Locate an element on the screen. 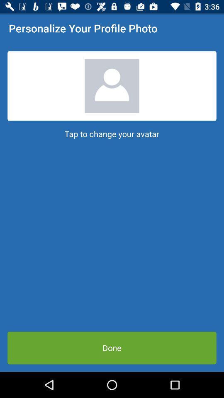  done item is located at coordinates (112, 348).